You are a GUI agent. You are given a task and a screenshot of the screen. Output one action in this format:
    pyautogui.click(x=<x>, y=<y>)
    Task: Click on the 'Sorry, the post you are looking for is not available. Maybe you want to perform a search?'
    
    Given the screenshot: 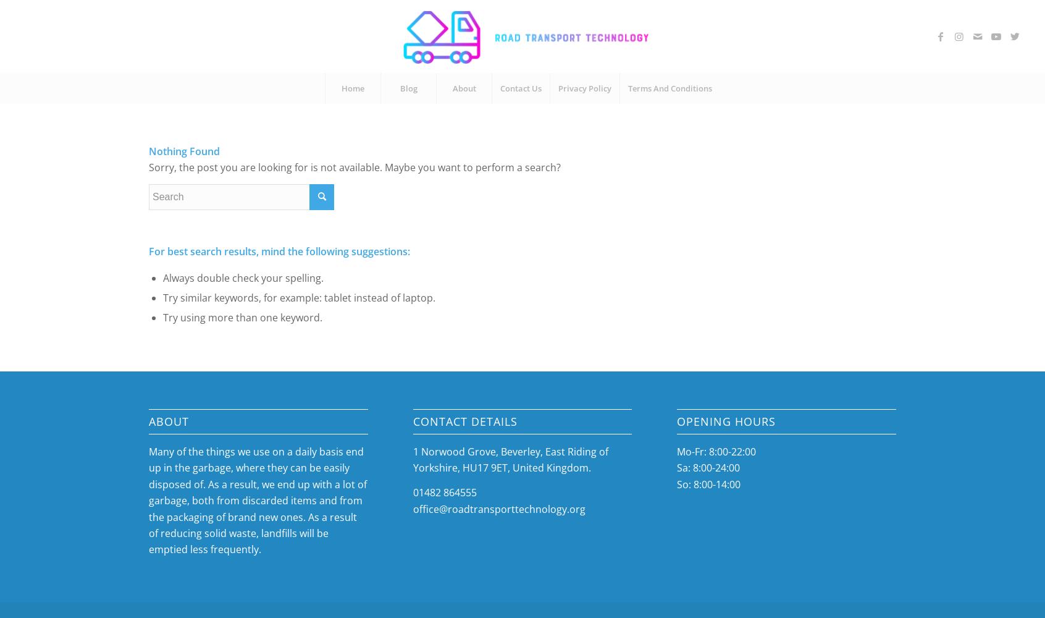 What is the action you would take?
    pyautogui.click(x=354, y=167)
    